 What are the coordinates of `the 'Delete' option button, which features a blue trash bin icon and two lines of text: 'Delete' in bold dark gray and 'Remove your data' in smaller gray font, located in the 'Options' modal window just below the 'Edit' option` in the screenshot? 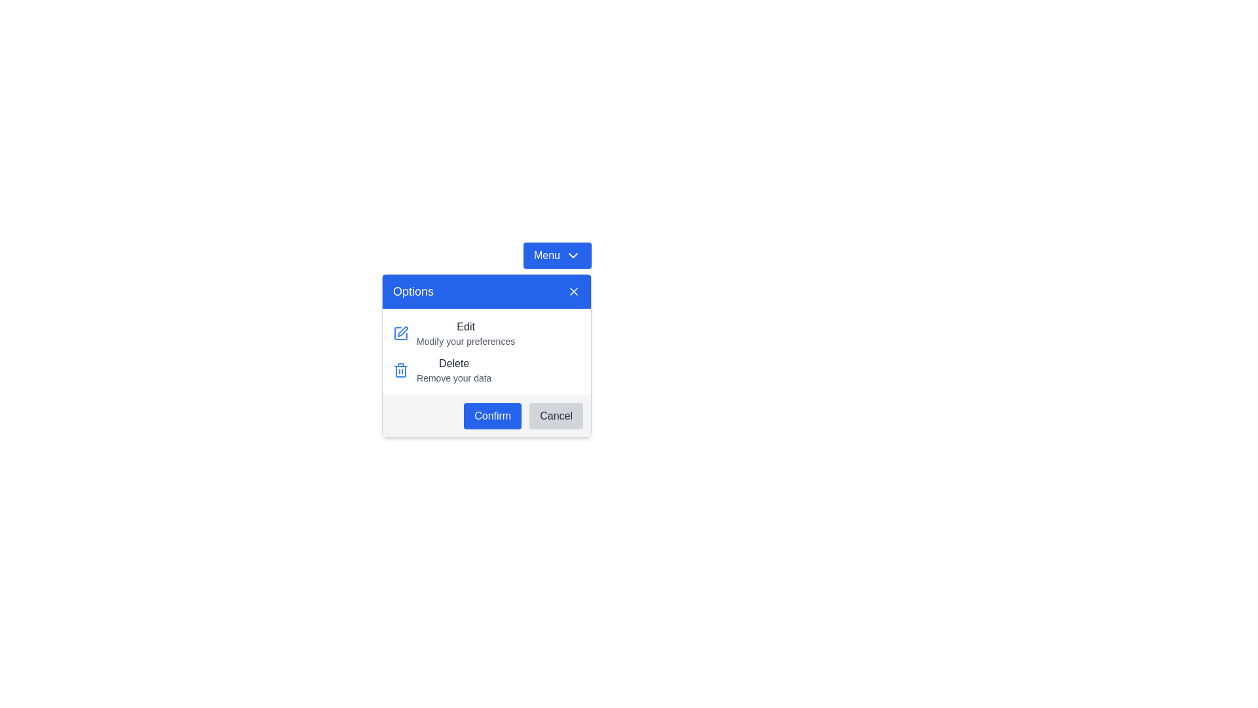 It's located at (486, 370).